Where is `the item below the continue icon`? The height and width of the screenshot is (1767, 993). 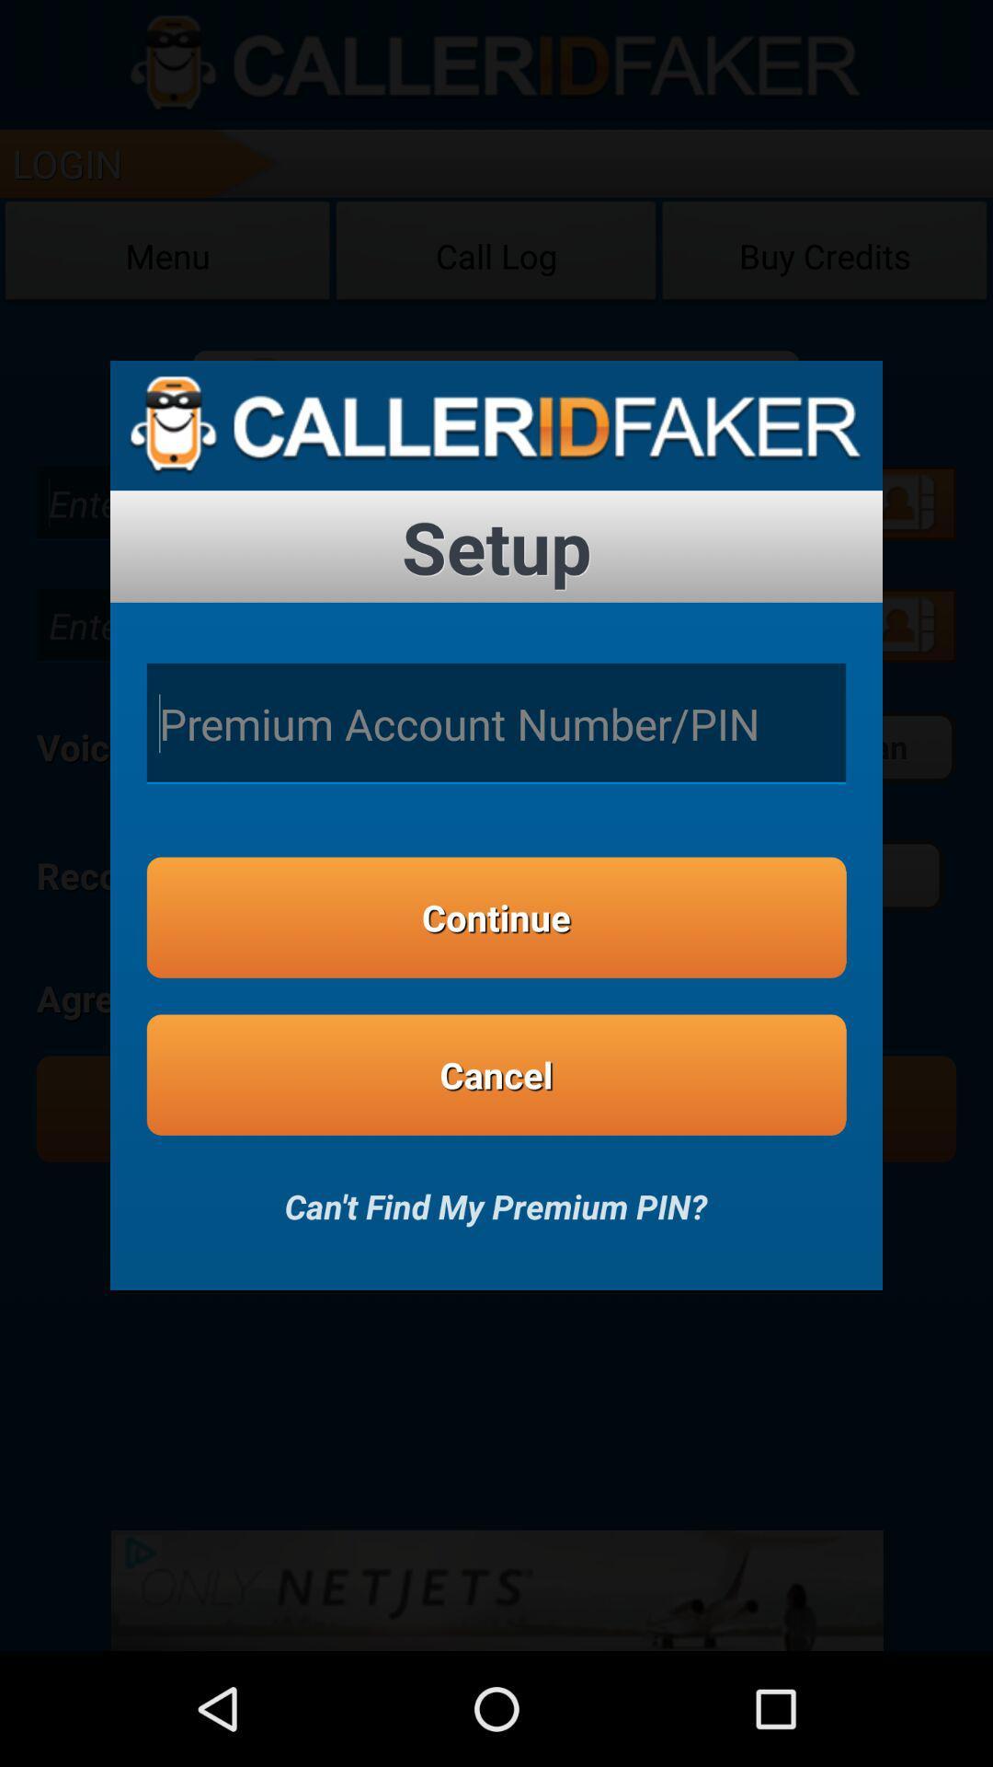
the item below the continue icon is located at coordinates (496, 1075).